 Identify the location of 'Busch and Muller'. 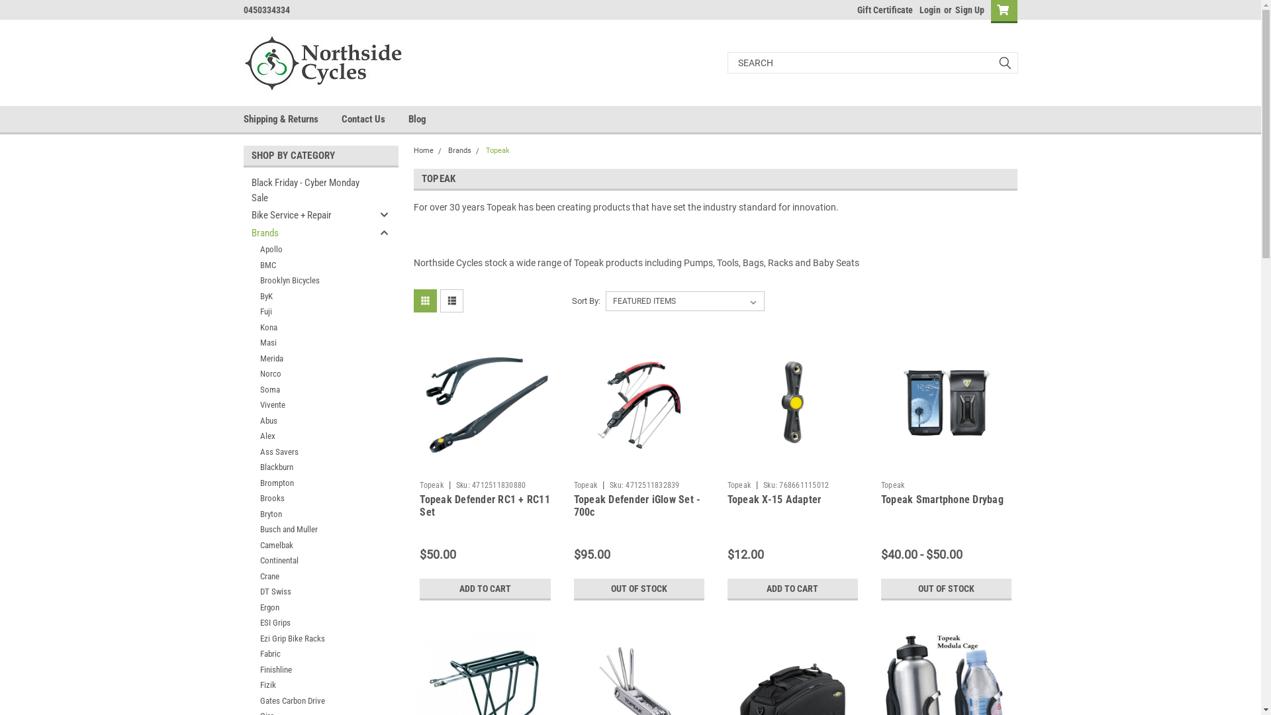
(308, 528).